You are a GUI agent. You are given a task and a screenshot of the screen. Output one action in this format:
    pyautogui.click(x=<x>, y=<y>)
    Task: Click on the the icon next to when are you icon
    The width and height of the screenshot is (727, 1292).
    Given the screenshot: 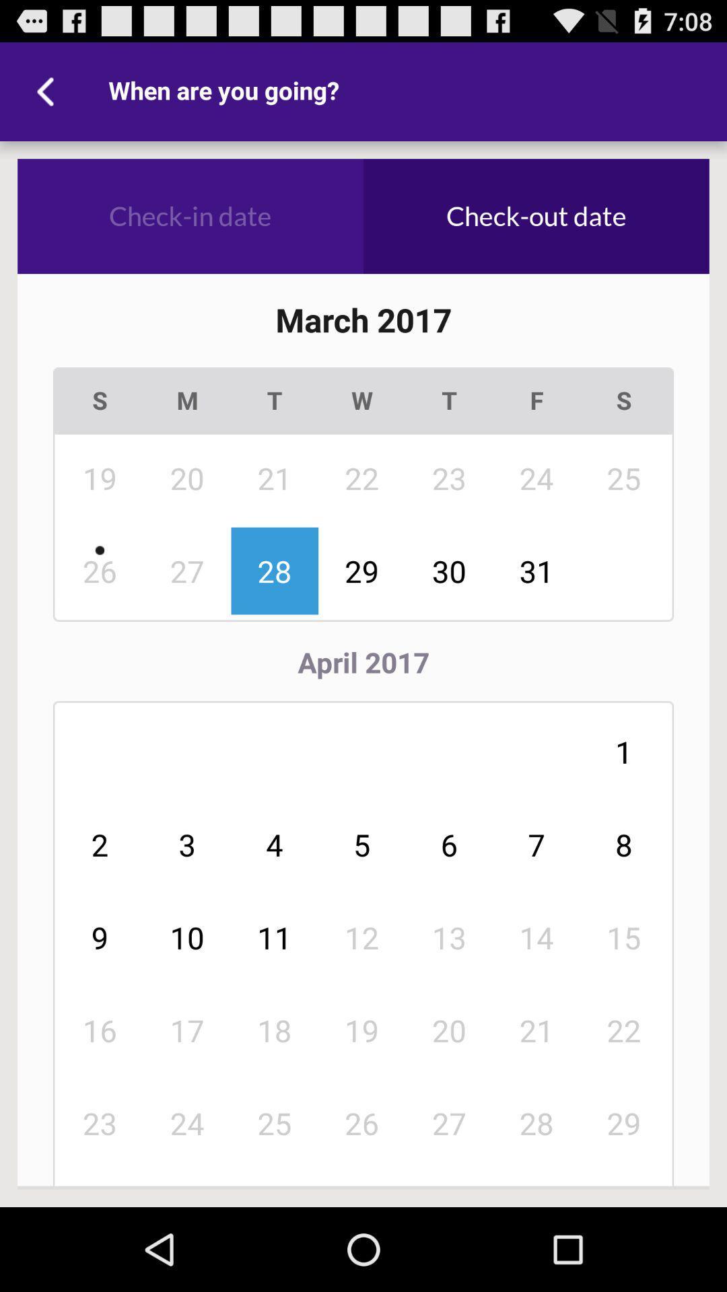 What is the action you would take?
    pyautogui.click(x=48, y=91)
    